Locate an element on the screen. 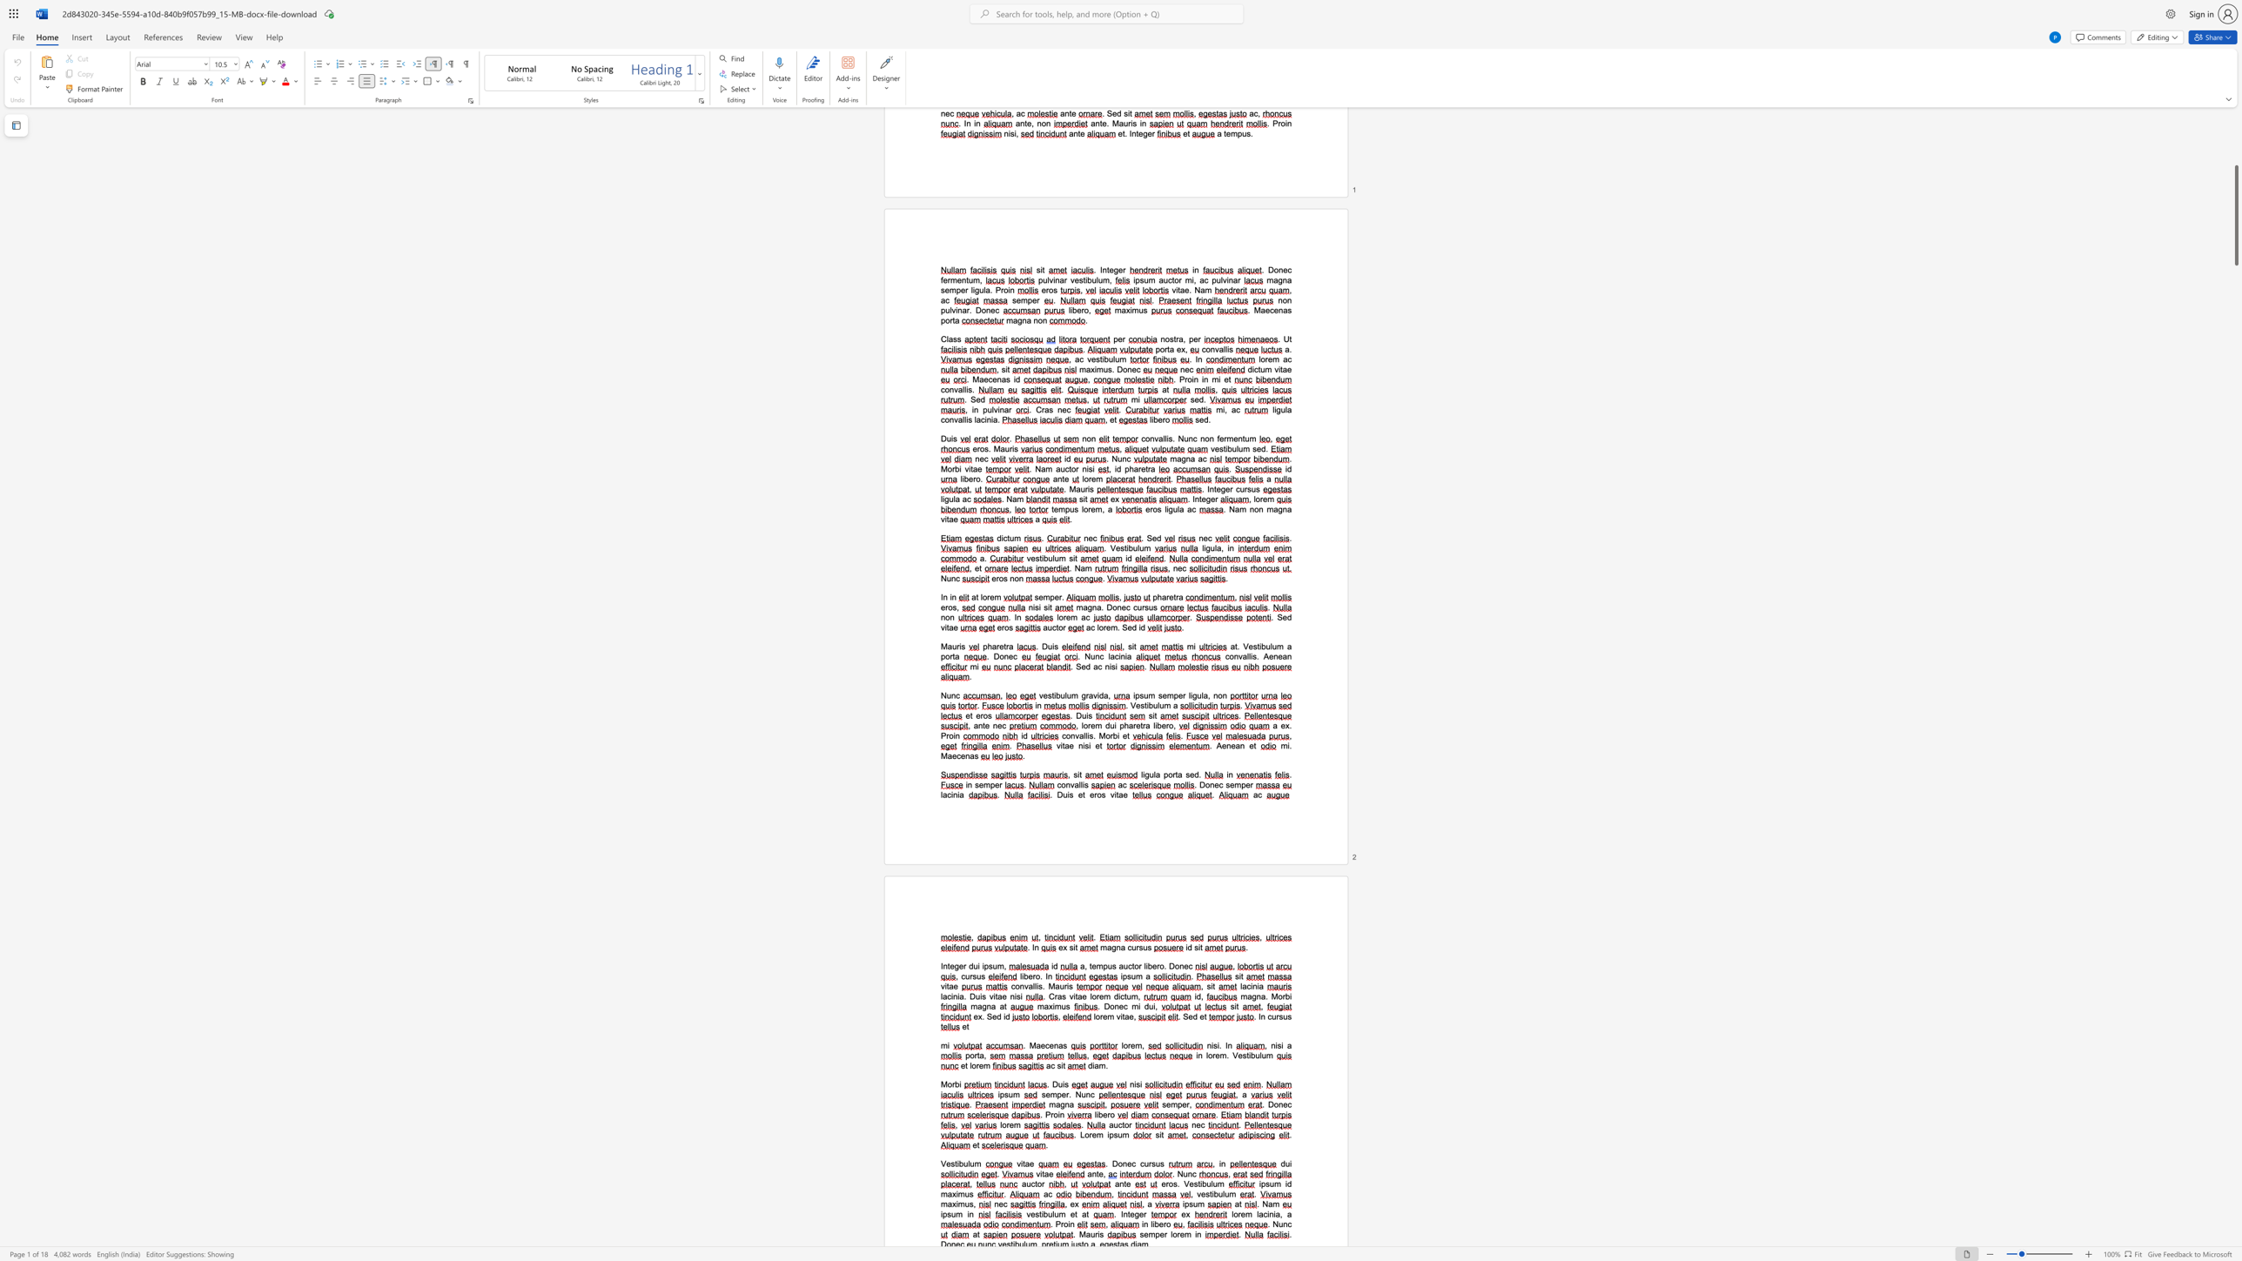  the space between the continuous character "s" and "t" in the text is located at coordinates (1208, 1193).